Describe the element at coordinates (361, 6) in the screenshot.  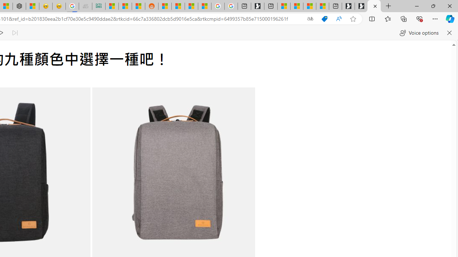
I see `'Play Free Online Games | Games from Microsoft Start'` at that location.